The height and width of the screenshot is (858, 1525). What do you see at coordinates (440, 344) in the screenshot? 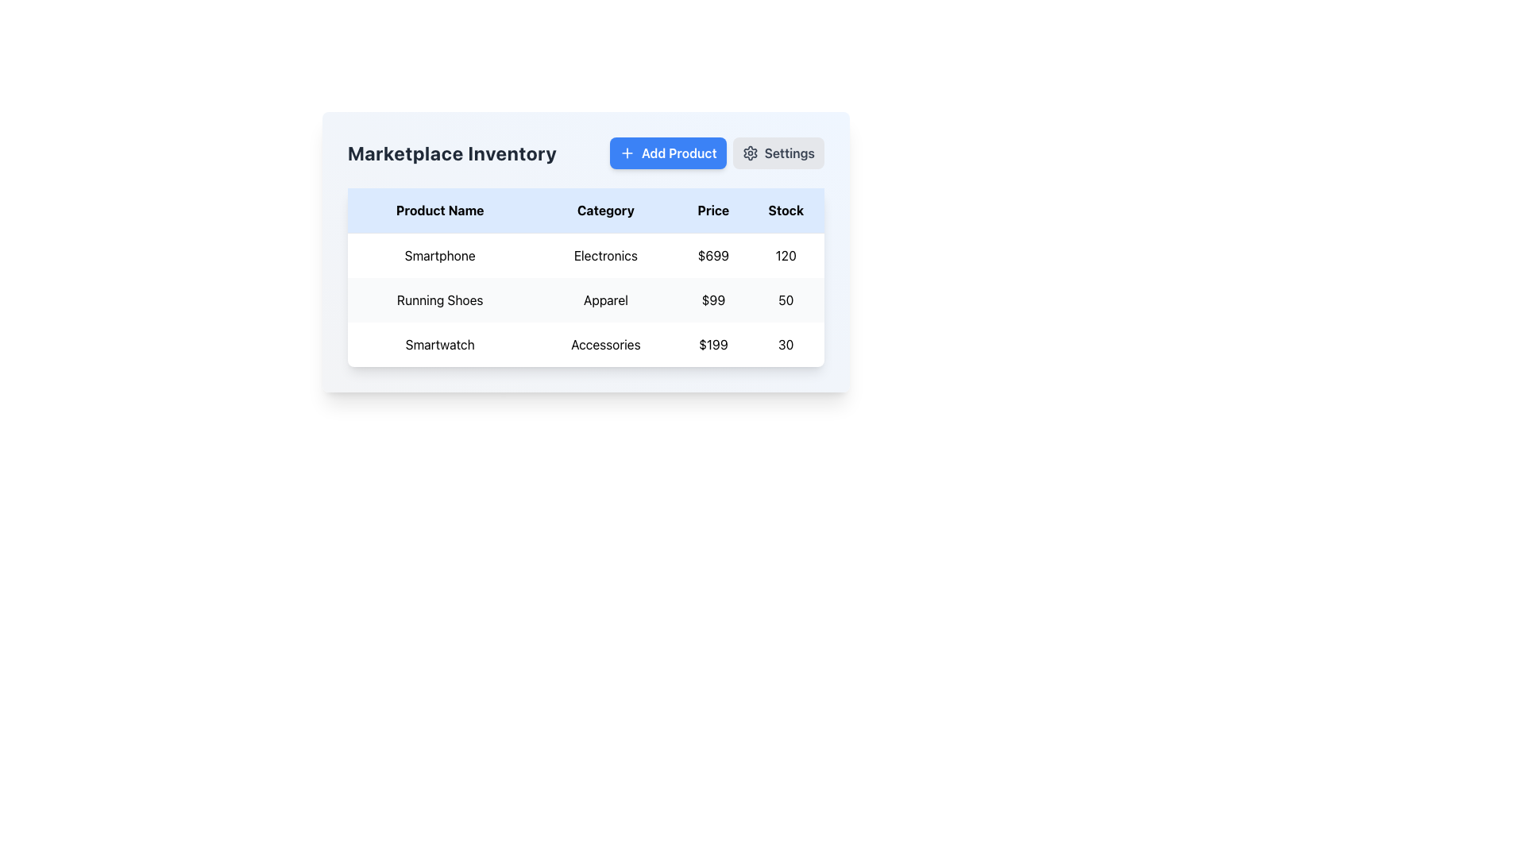
I see `text label displaying 'Smartwatch' located in the first column of the fourth row of a tabular interface` at bounding box center [440, 344].